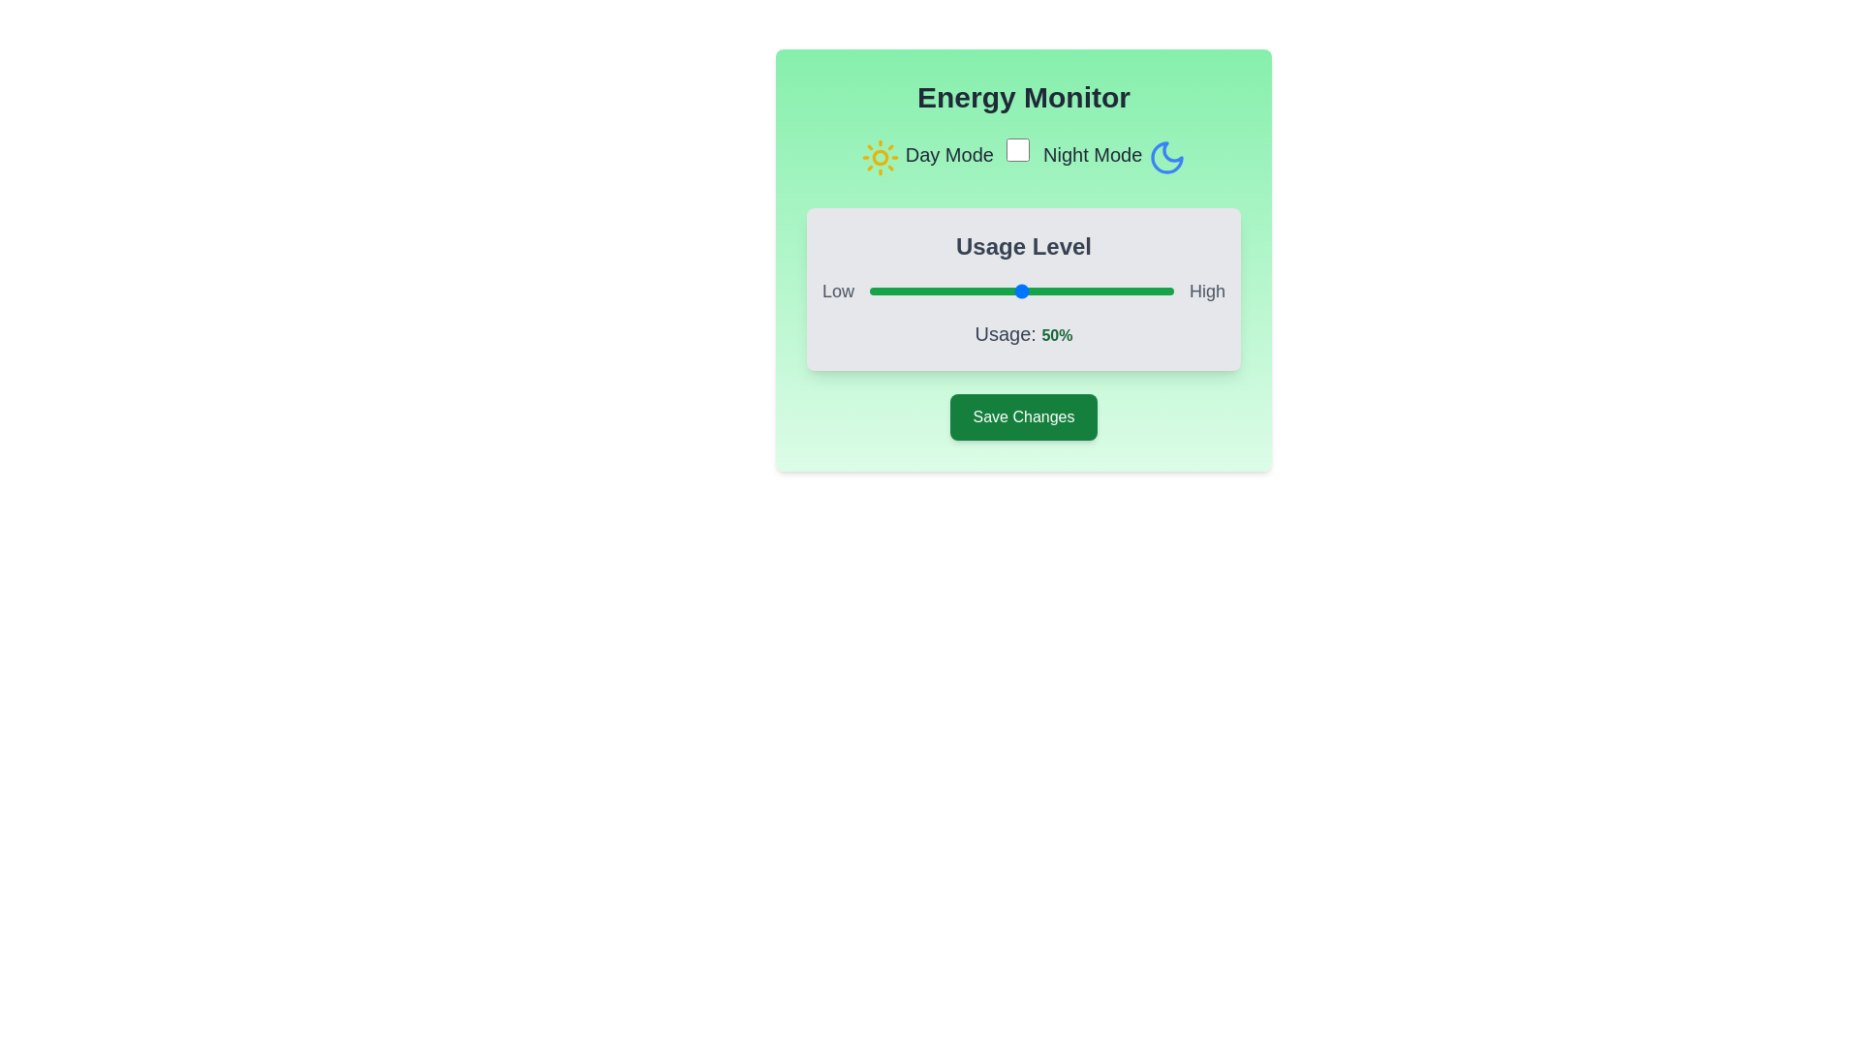 This screenshot has height=1046, width=1860. I want to click on the slider, so click(911, 291).